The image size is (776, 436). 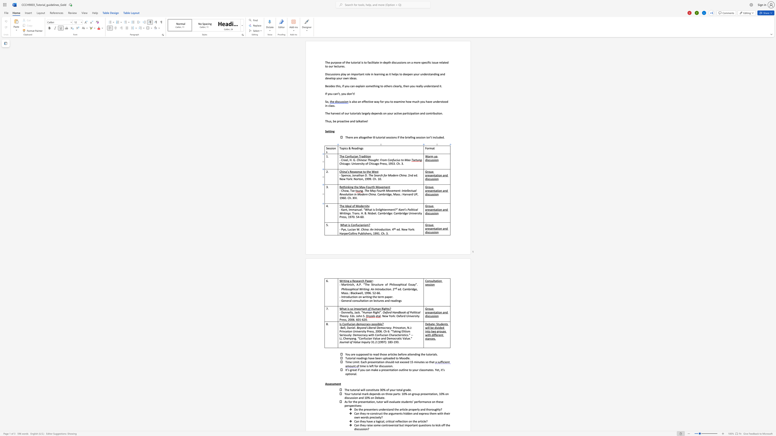 I want to click on the space between the continuous character "M" and "o" in the text, so click(x=358, y=206).